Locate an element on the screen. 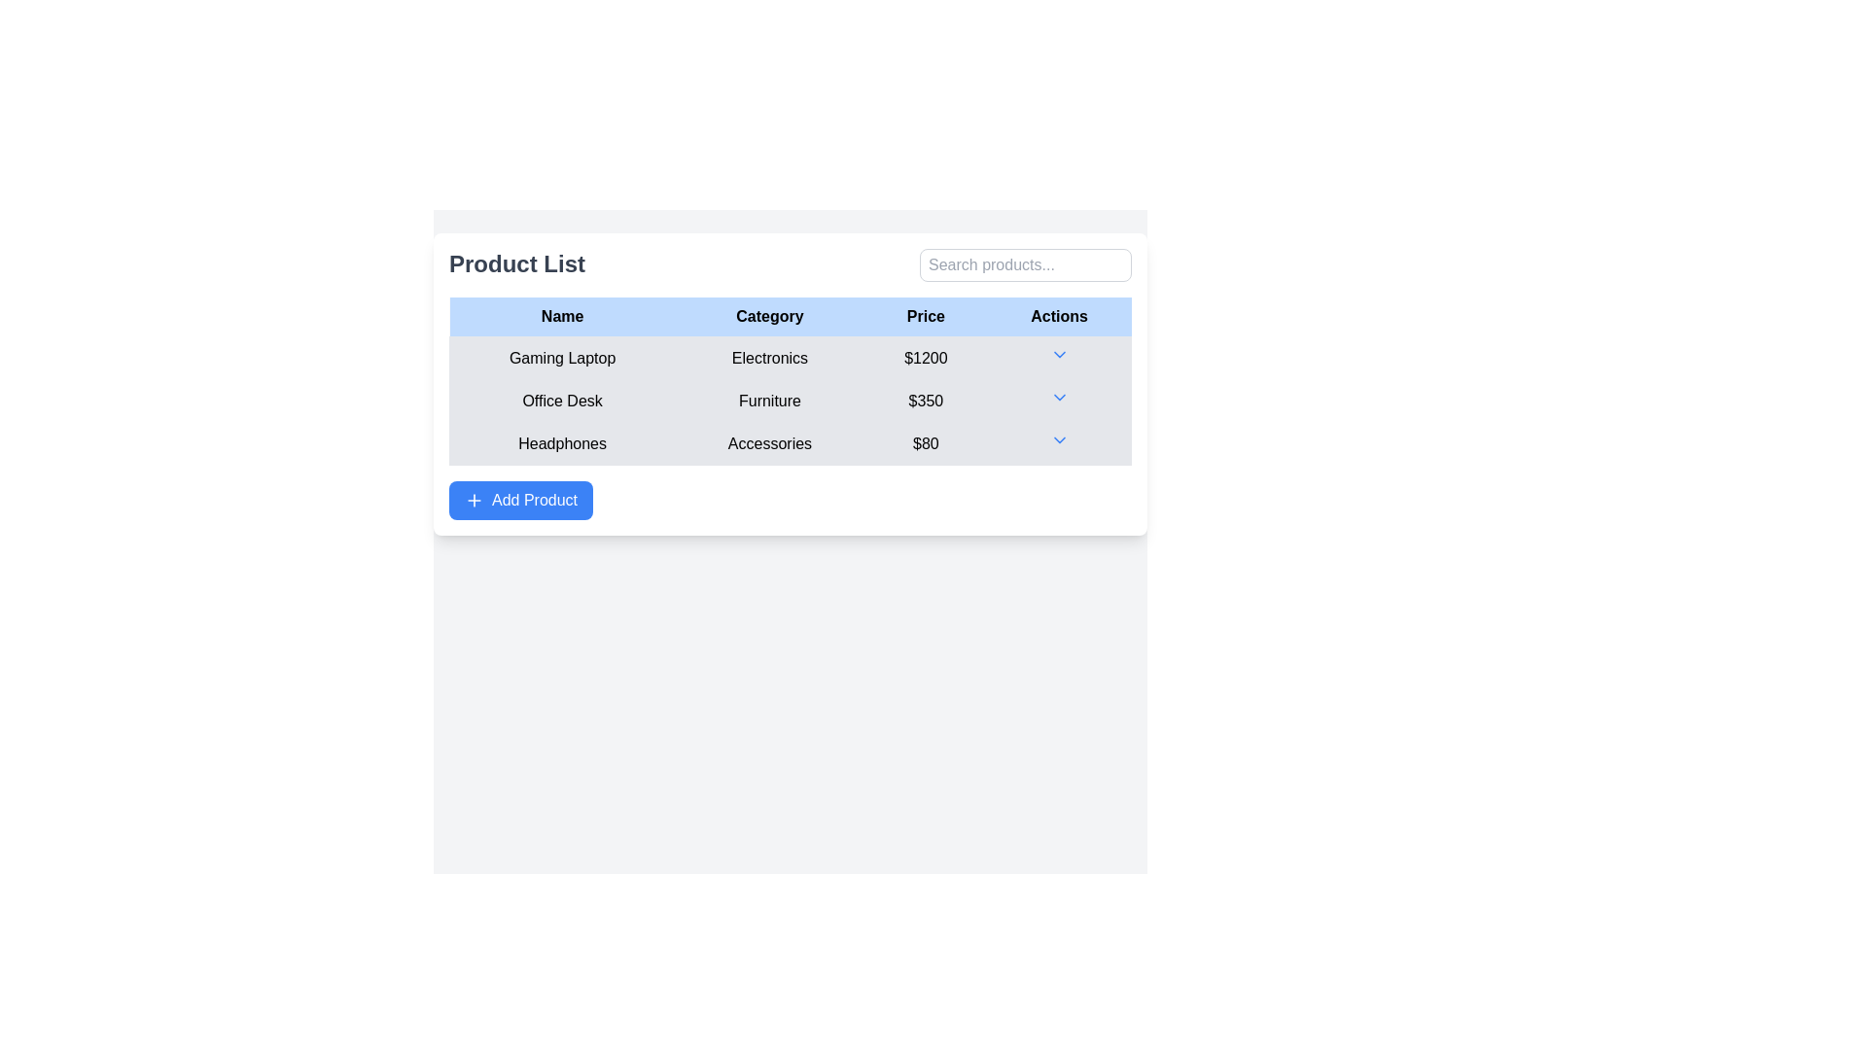 This screenshot has width=1867, height=1050. text label displaying 'Electronics' located in the second cell of the 'Category' column for the 'Gaming Laptop' row within the 'Product List' table is located at coordinates (769, 358).